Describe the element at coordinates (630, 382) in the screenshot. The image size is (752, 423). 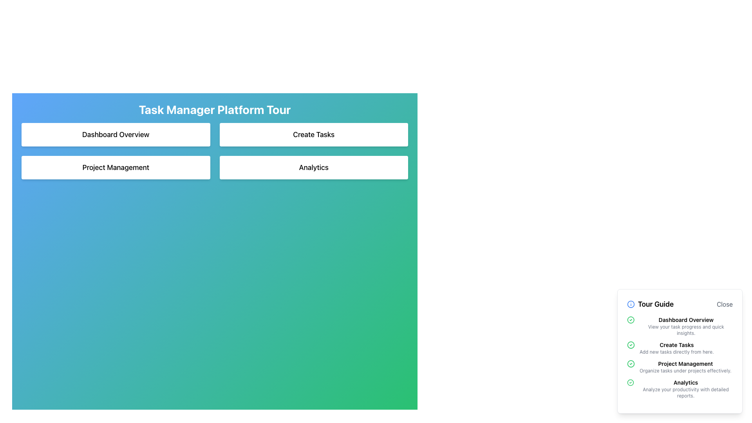
I see `the first circular icon in the 'Tour Guide' panel, which is styled as a hollow circle with a green border, indicating success` at that location.